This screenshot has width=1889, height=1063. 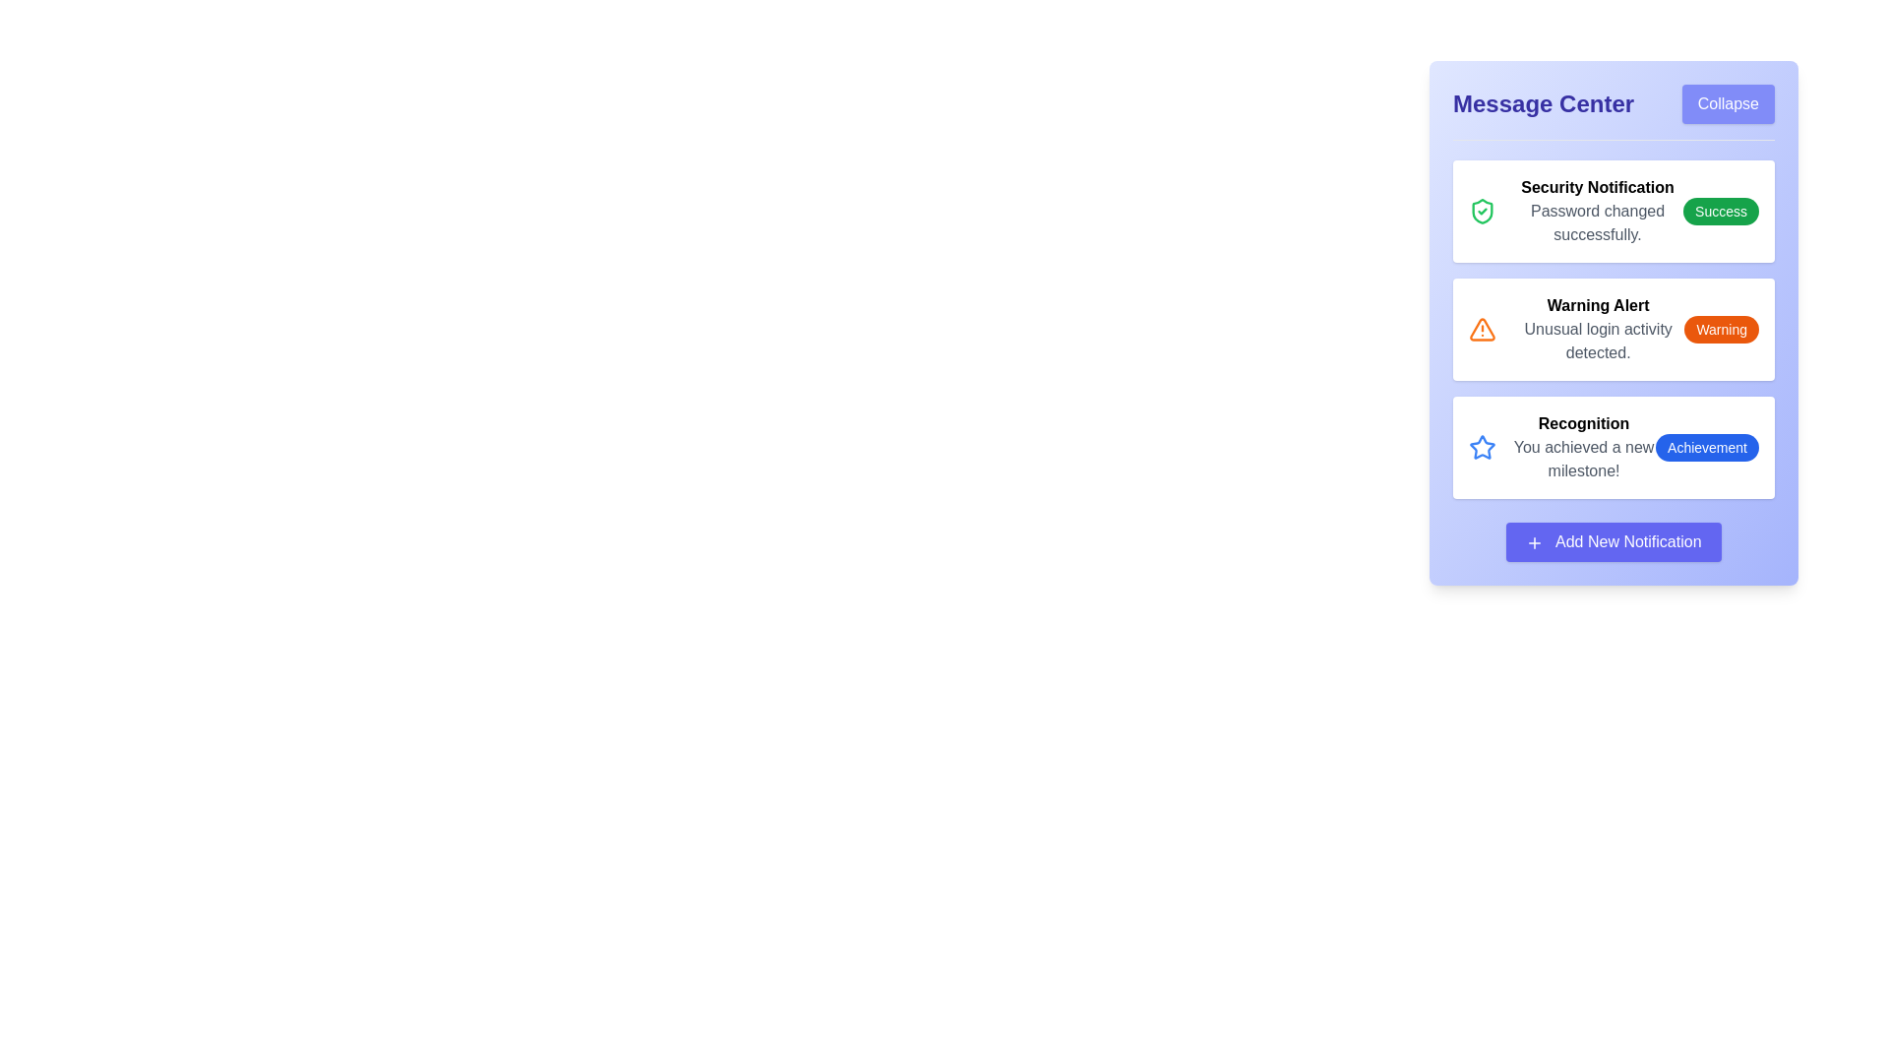 I want to click on the shield icon with a checkmark, styled with a green stroke, located above the 'Success' tag in the first notification section of the message center, so click(x=1483, y=212).